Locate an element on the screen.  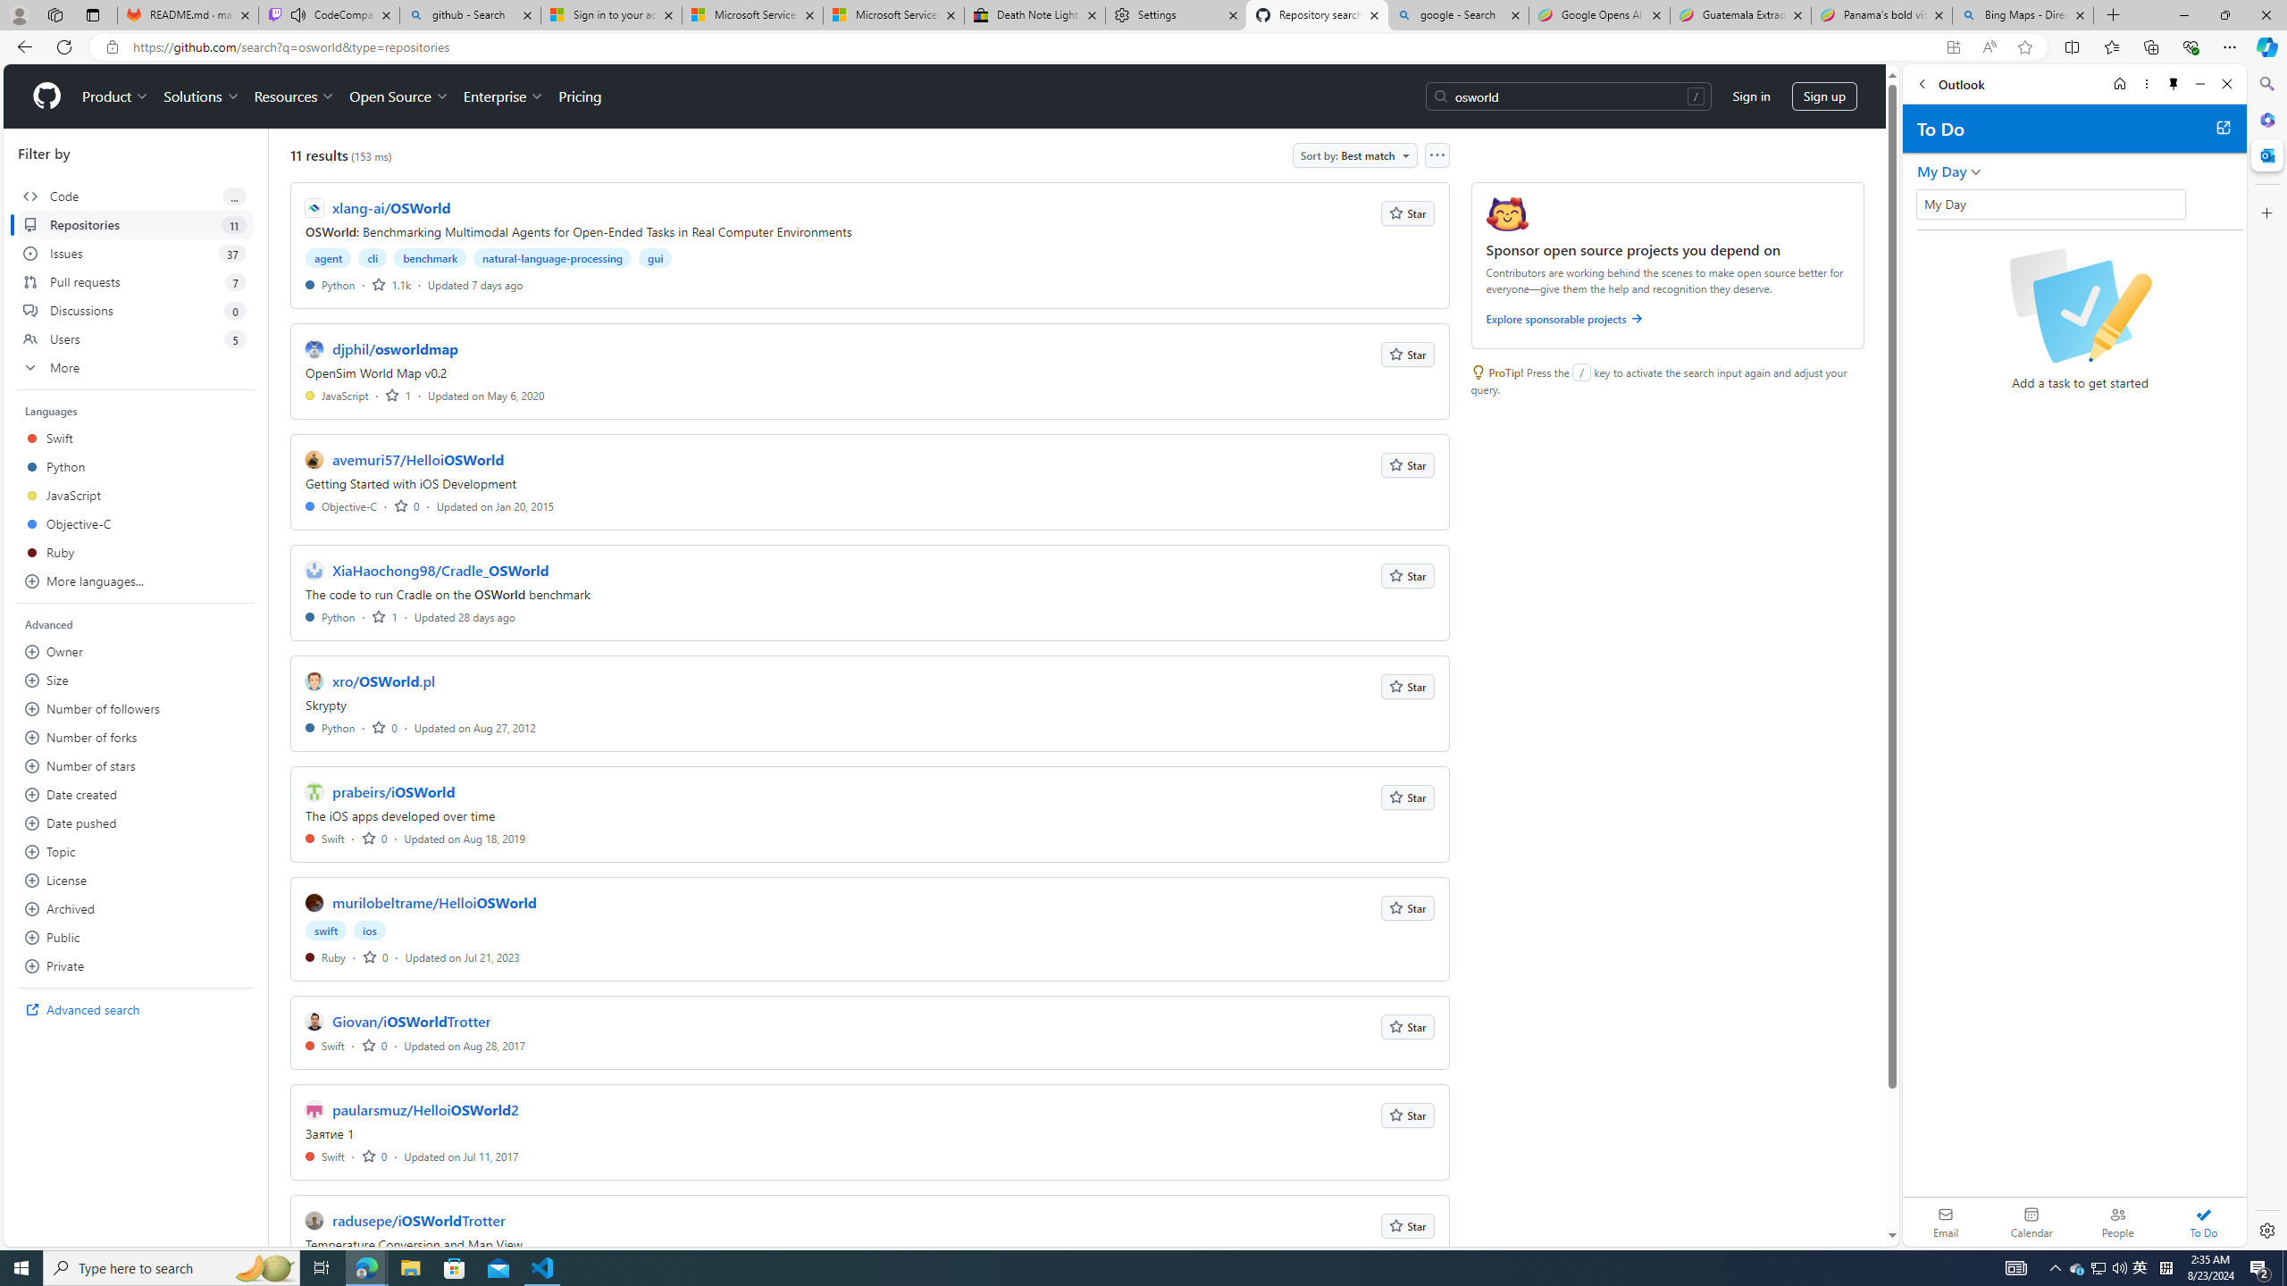
'xro/OSWorld.pl' is located at coordinates (383, 681).